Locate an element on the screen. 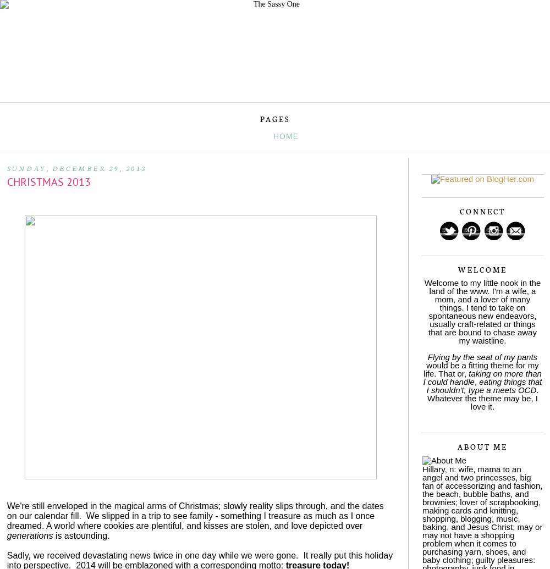 This screenshot has height=569, width=550. 'Welcome' is located at coordinates (458, 269).